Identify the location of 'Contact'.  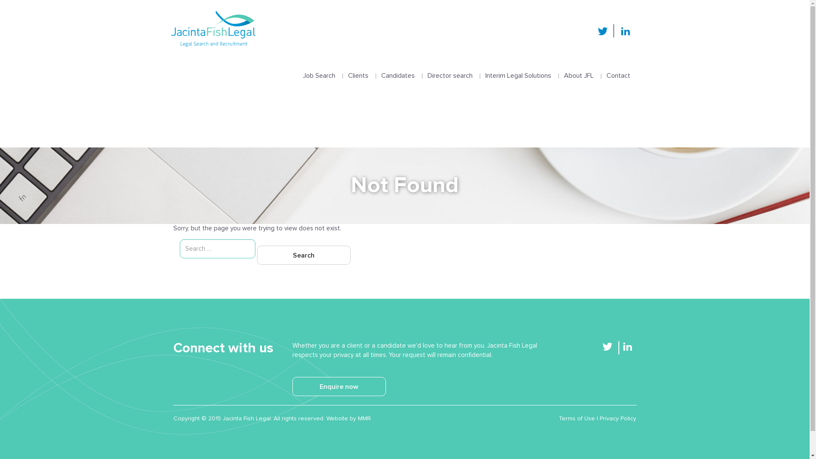
(618, 67).